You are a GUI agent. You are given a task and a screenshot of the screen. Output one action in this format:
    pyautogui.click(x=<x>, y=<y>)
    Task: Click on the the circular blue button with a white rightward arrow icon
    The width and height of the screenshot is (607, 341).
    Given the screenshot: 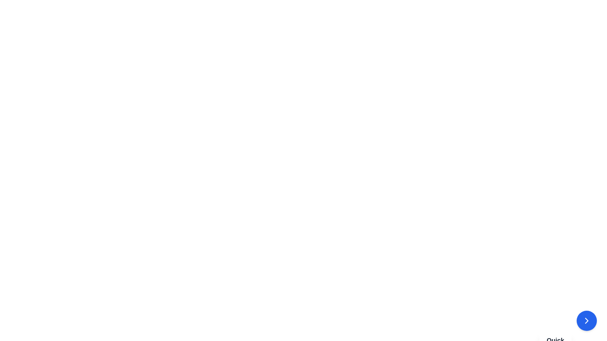 What is the action you would take?
    pyautogui.click(x=586, y=320)
    